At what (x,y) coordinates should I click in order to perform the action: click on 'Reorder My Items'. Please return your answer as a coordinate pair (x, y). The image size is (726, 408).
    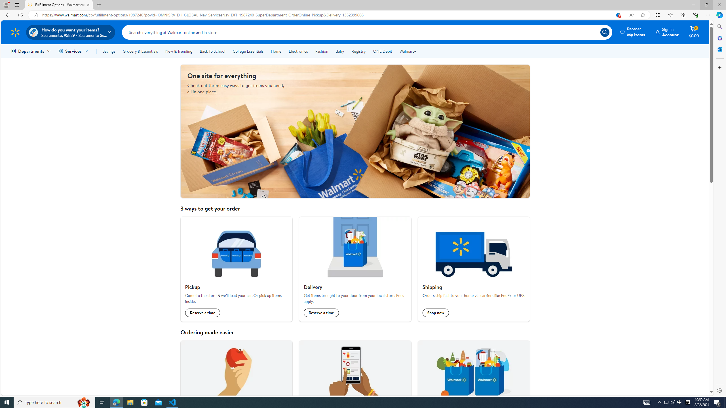
    Looking at the image, I should click on (633, 32).